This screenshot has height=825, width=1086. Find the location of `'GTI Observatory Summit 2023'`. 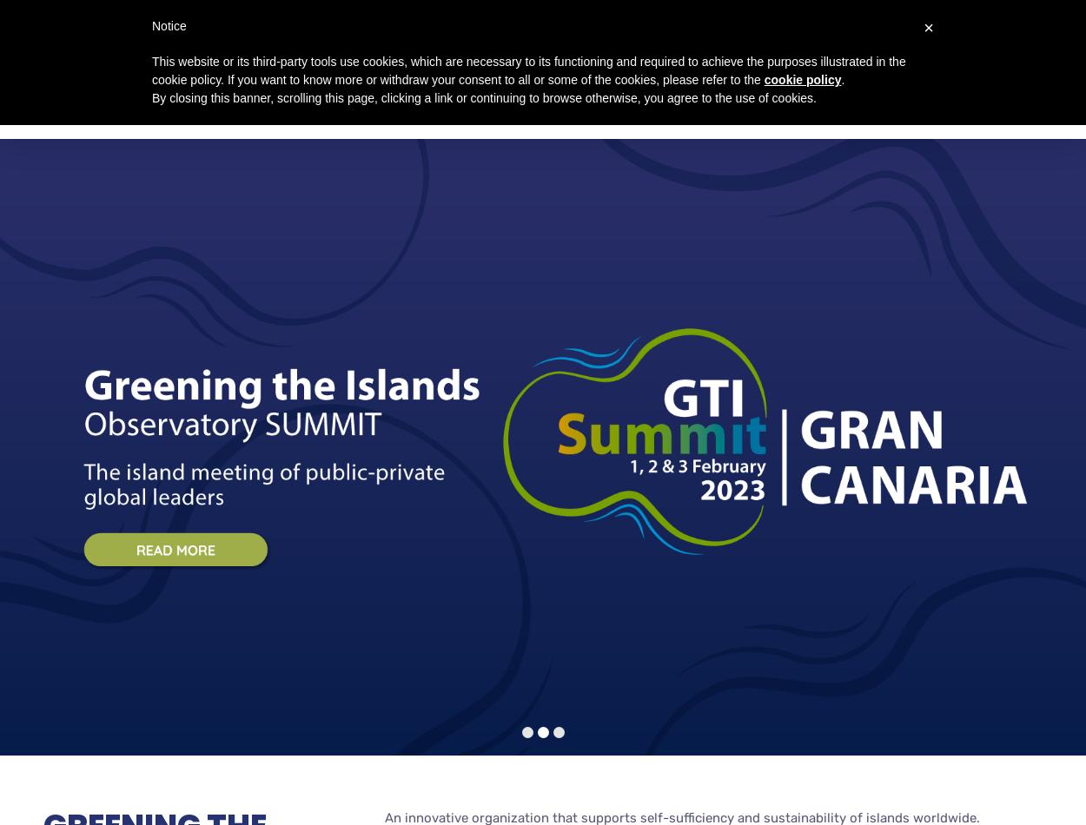

'GTI Observatory Summit 2023' is located at coordinates (540, 132).